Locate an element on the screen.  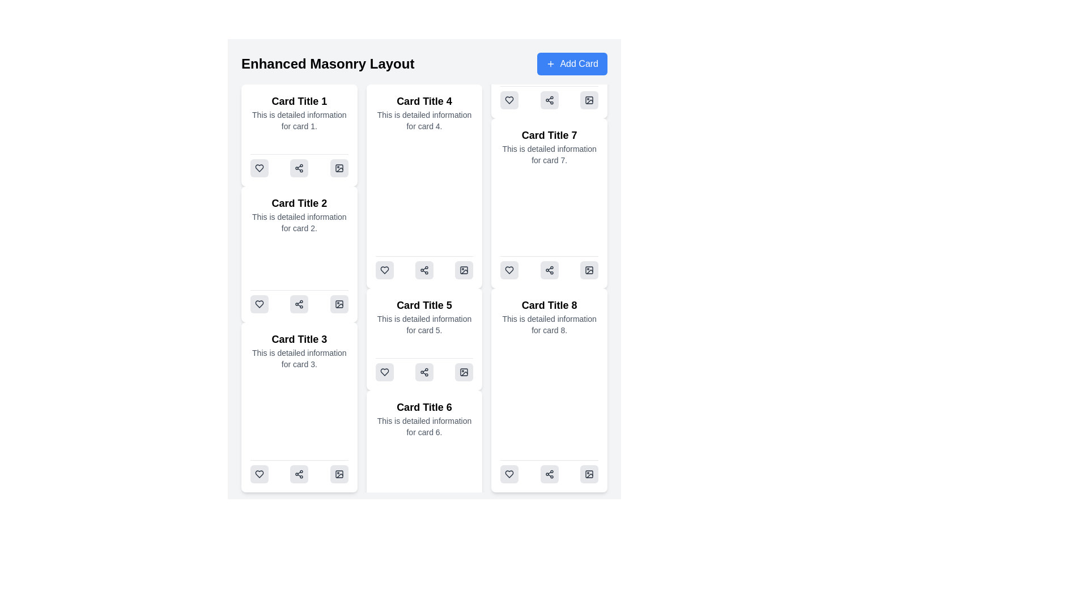
text 'Card Title 3' displayed in bold styling, which is the header of the third card in the first column of a multi-column layout is located at coordinates (299, 338).